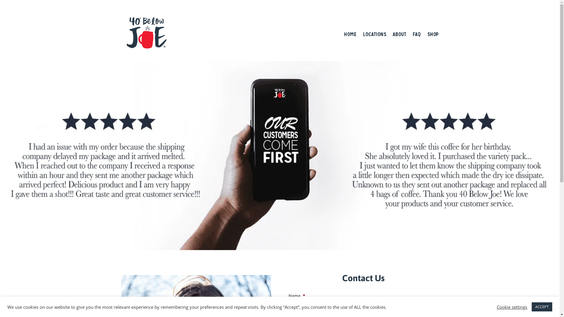  I want to click on 'Cookie settings', so click(511, 306).